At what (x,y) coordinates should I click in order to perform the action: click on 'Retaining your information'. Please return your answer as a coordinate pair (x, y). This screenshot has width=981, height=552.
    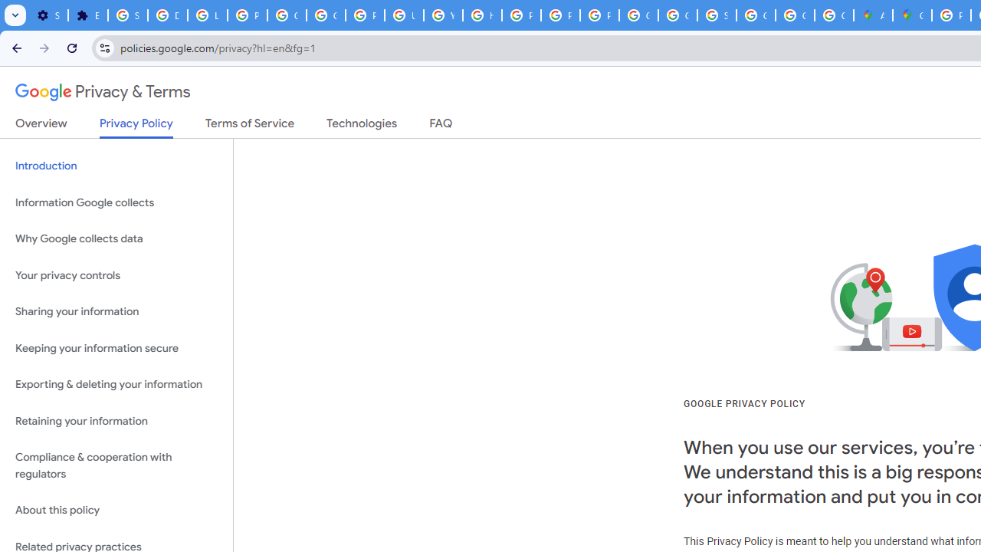
    Looking at the image, I should click on (116, 421).